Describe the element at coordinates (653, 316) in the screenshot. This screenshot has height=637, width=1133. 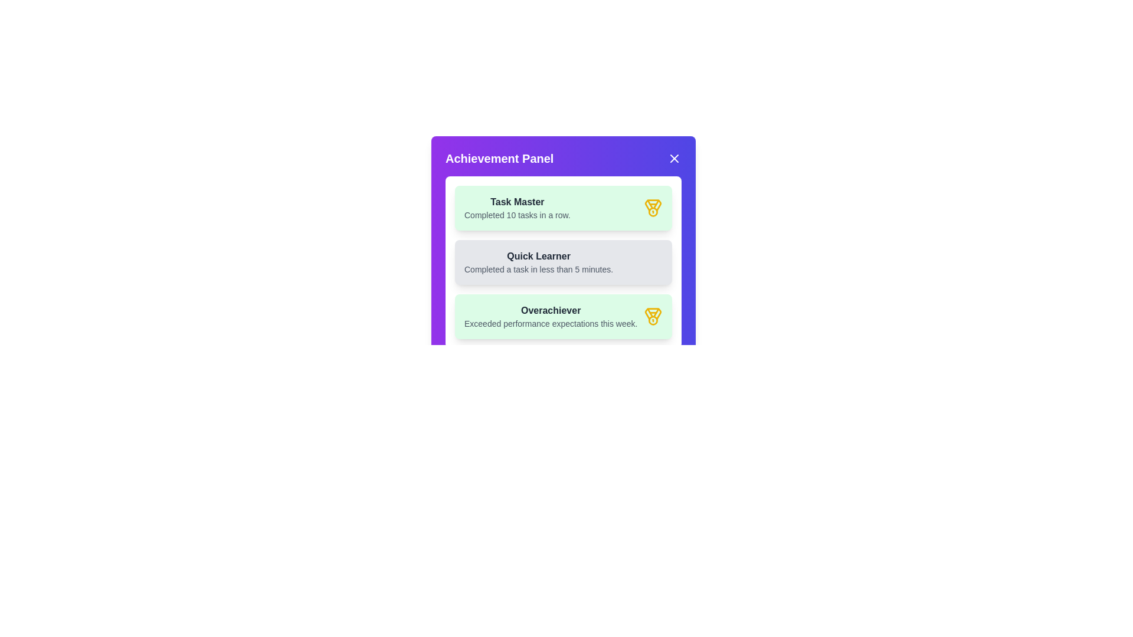
I see `the award icon representing the 'Overachiever' achievement located at the top-right corner of the green achievement card` at that location.